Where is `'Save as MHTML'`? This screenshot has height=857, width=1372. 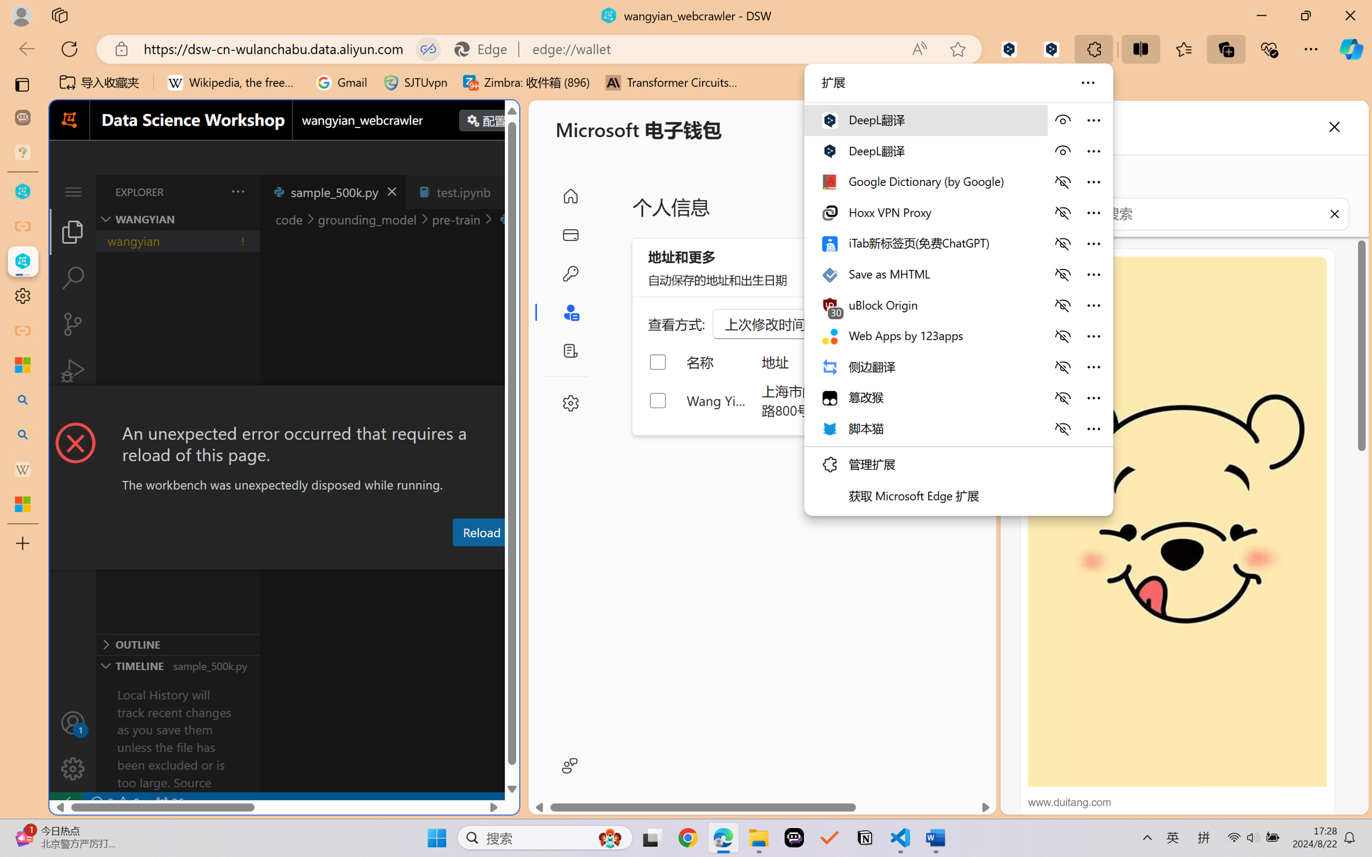 'Save as MHTML' is located at coordinates (925, 273).